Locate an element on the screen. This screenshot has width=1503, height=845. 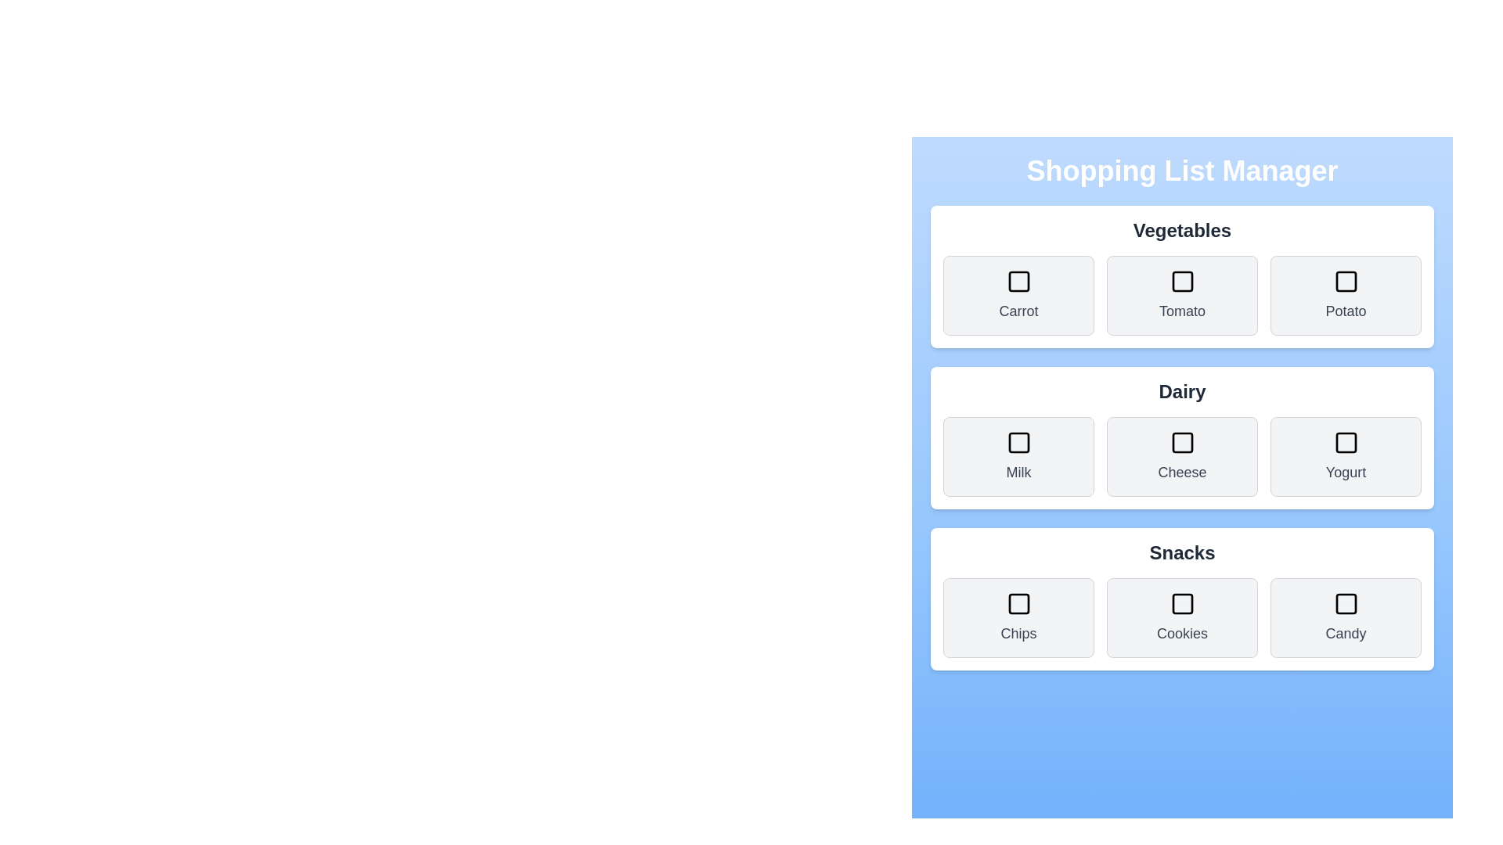
the item Chips to observe the hover effect is located at coordinates (1018, 617).